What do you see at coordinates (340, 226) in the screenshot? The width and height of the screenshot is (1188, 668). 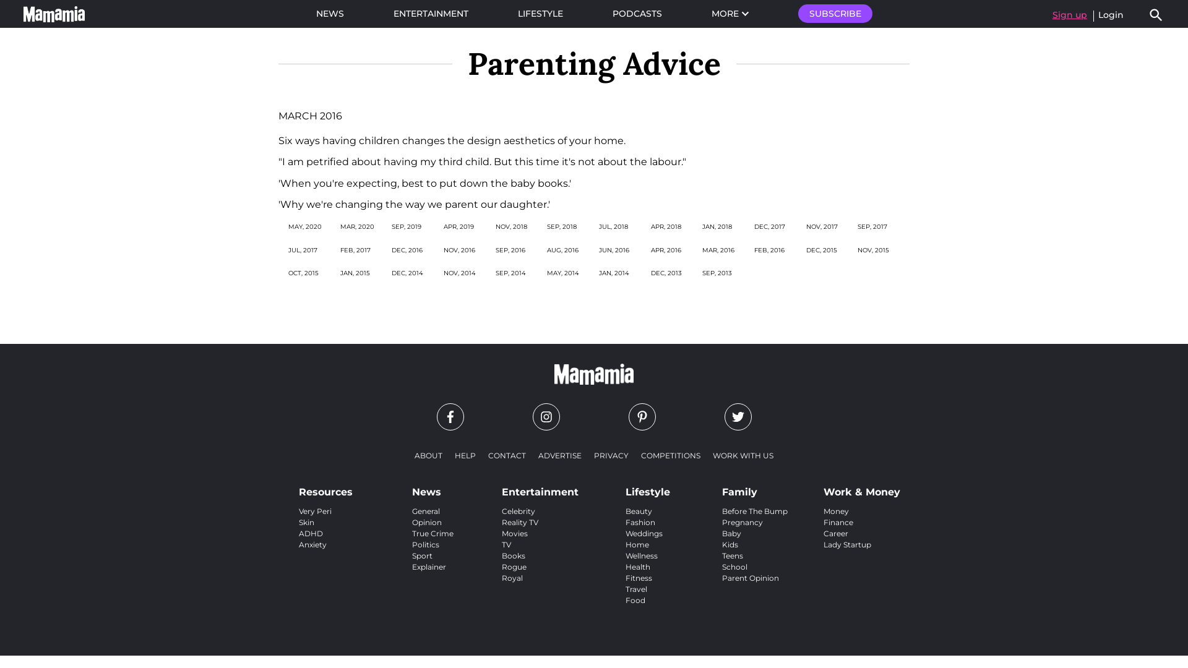 I see `'MAR, 2020'` at bounding box center [340, 226].